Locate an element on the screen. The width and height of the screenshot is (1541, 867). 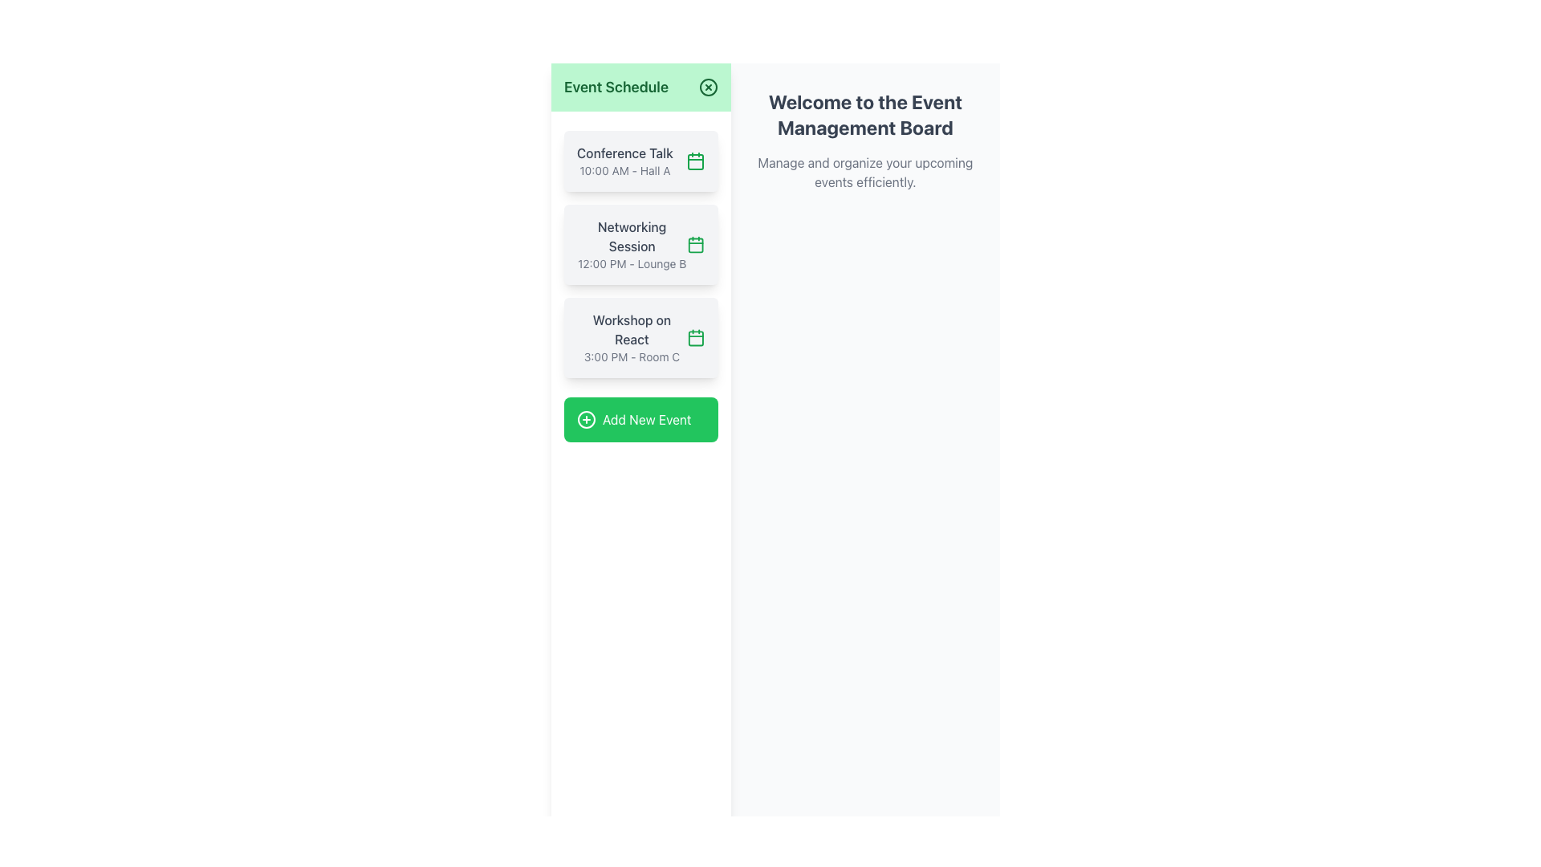
the text displaying '10:00 AM - Hall A' in small gray font, located in the left sidebar under 'Event Schedule' is located at coordinates (624, 170).